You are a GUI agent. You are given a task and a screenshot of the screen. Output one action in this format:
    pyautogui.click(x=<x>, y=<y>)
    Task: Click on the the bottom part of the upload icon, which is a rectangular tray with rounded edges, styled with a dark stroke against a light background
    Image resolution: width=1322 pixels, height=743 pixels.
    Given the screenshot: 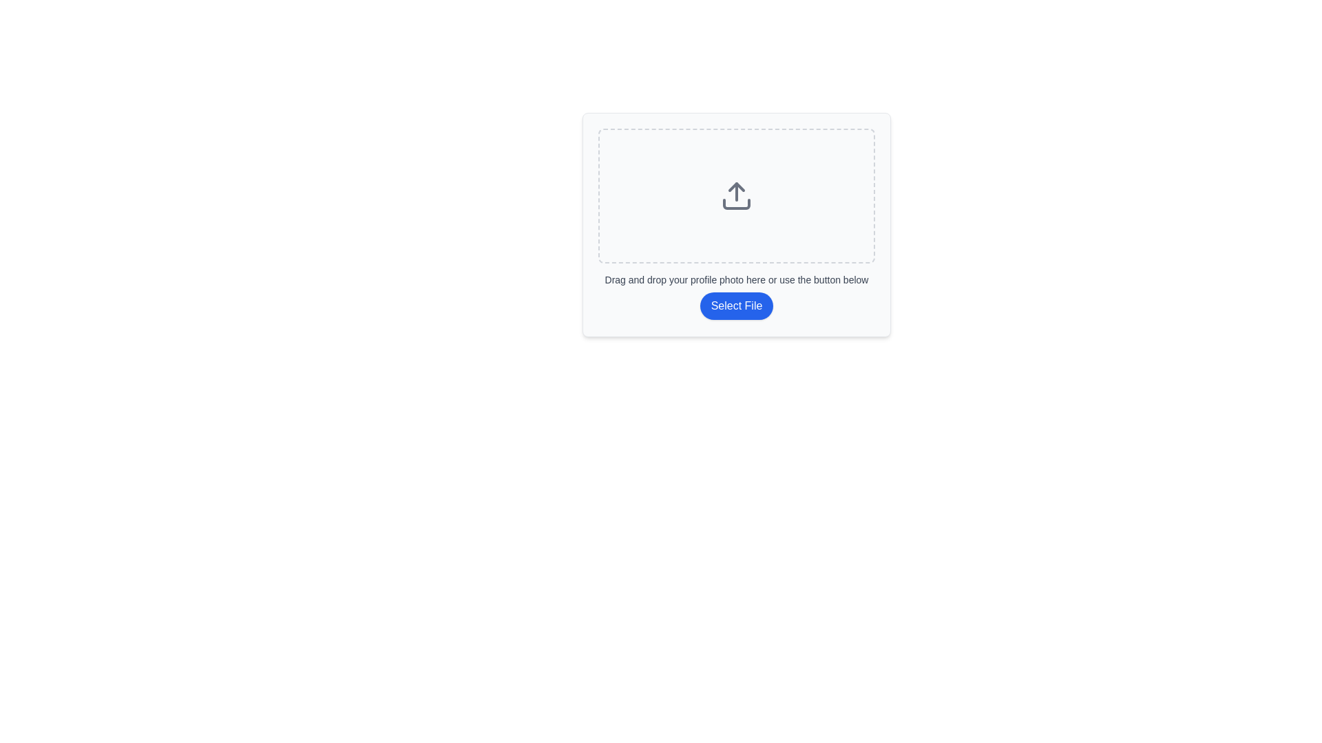 What is the action you would take?
    pyautogui.click(x=736, y=204)
    